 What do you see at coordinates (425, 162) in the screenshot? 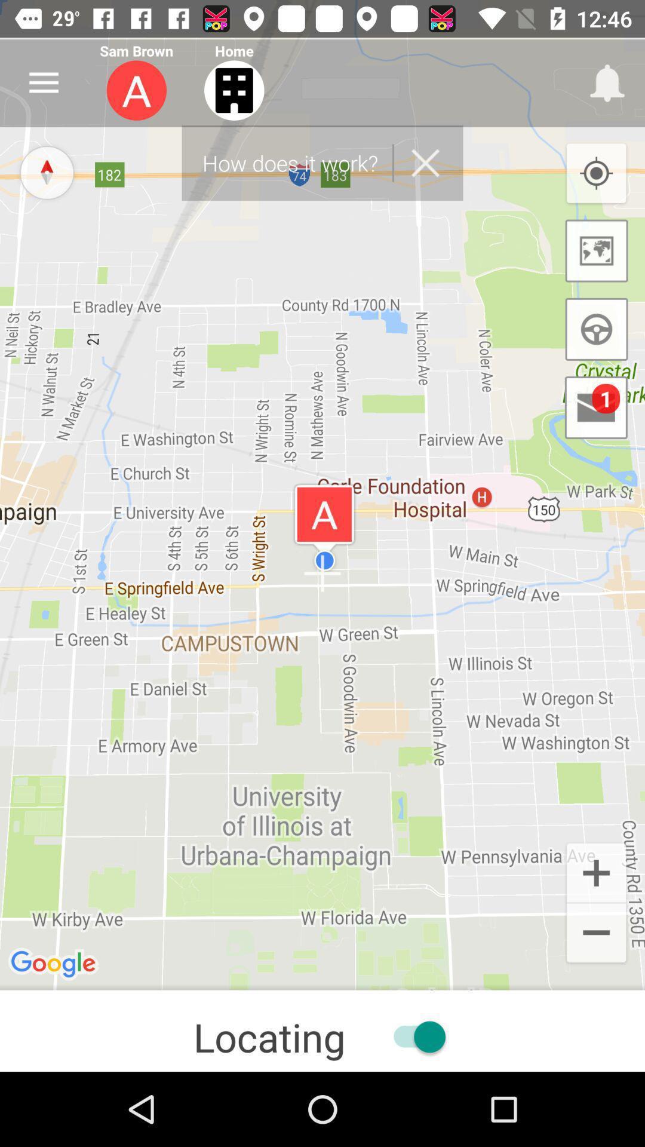
I see `the close icon` at bounding box center [425, 162].